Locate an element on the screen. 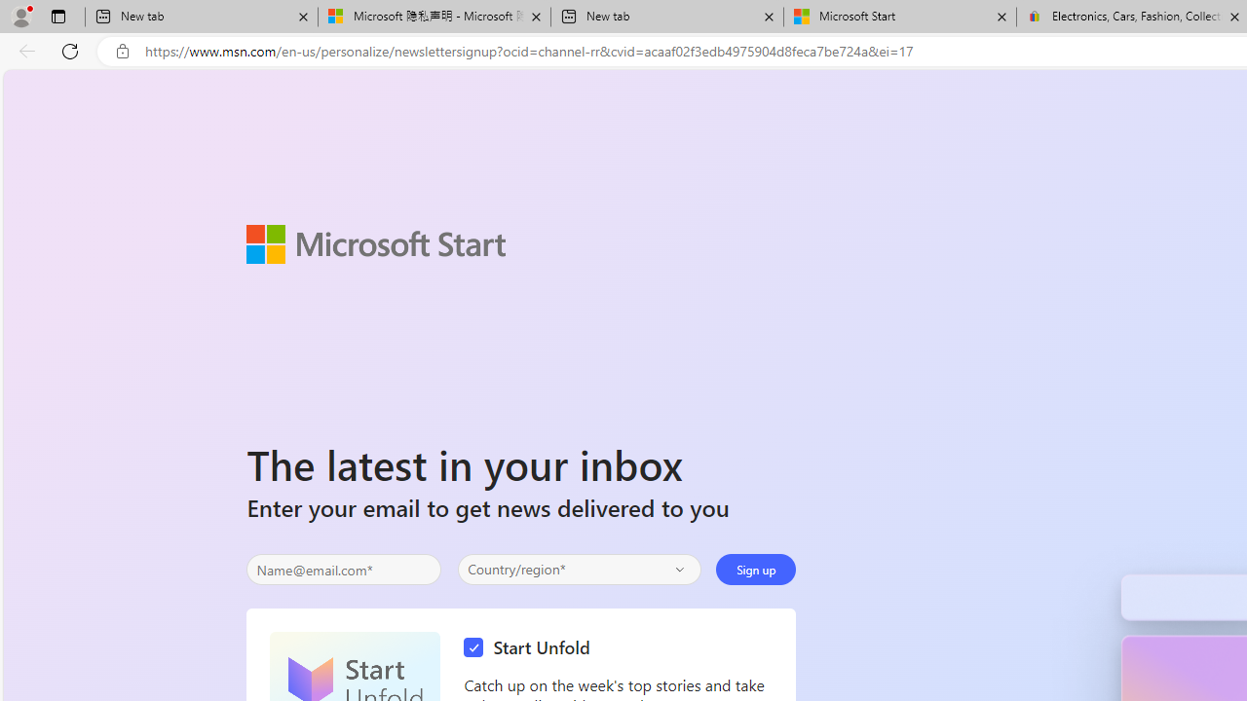 The image size is (1247, 701). 'Select your country' is located at coordinates (579, 570).